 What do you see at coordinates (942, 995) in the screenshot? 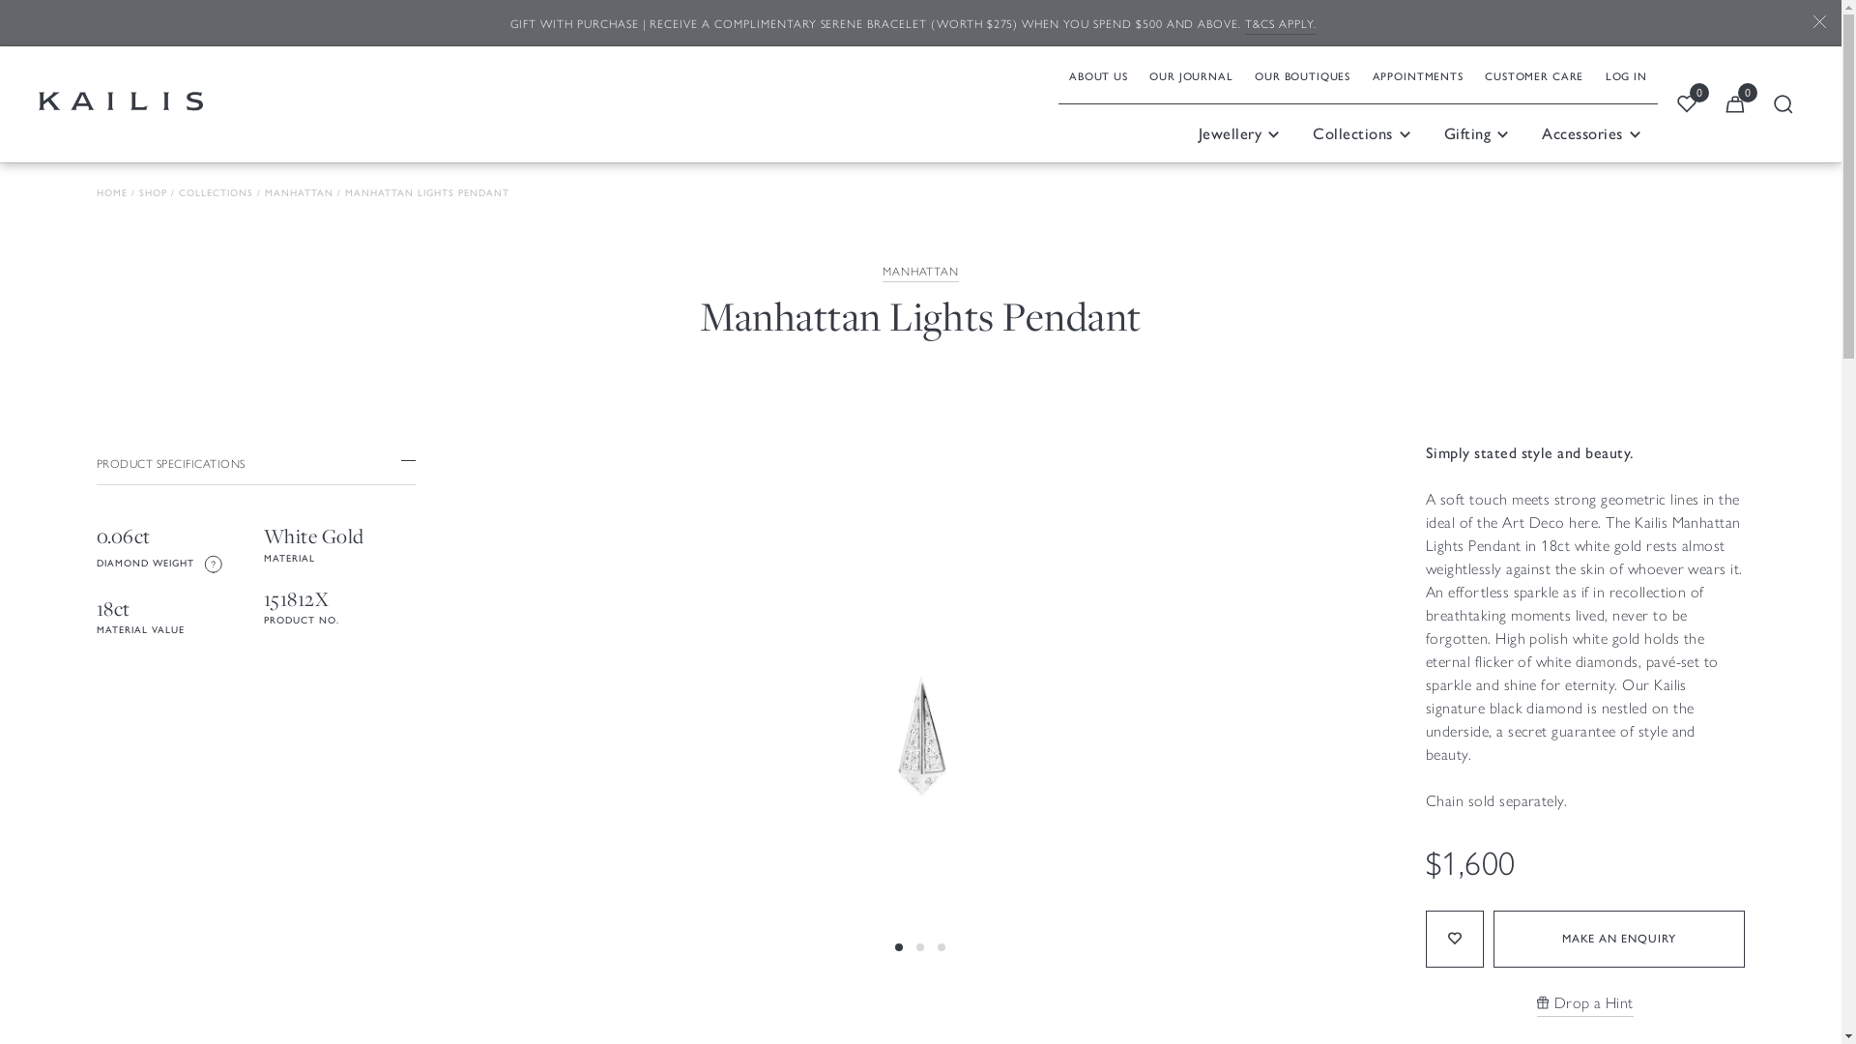
I see `'3'` at bounding box center [942, 995].